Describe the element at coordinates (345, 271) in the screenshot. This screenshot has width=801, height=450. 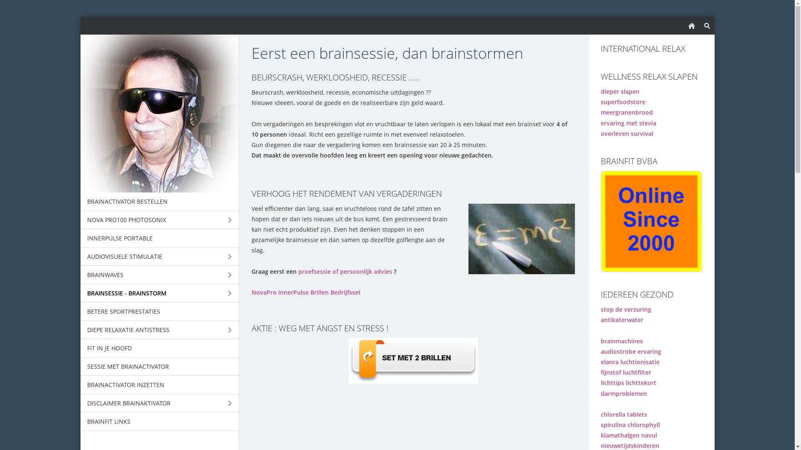
I see `'proefsessie of persoonlijk advies'` at that location.